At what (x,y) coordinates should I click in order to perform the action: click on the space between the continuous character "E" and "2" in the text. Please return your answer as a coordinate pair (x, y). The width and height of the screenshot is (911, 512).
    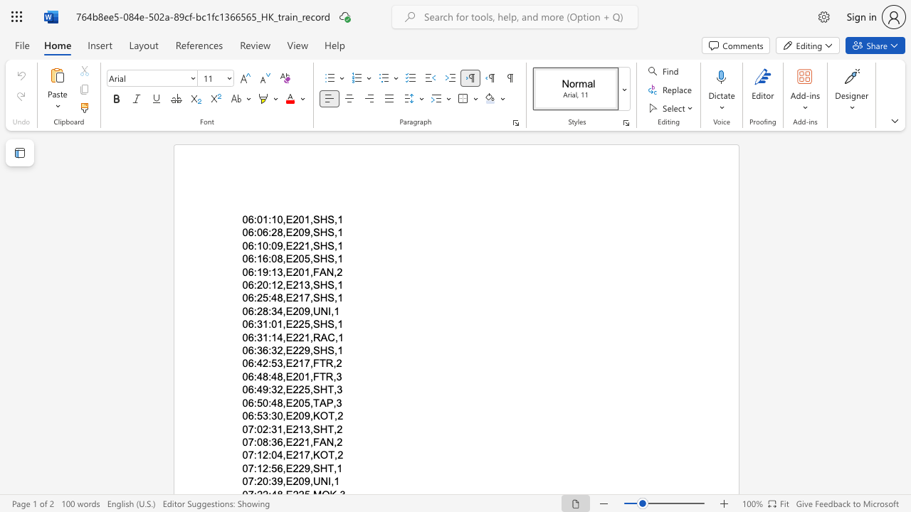
    Looking at the image, I should click on (292, 375).